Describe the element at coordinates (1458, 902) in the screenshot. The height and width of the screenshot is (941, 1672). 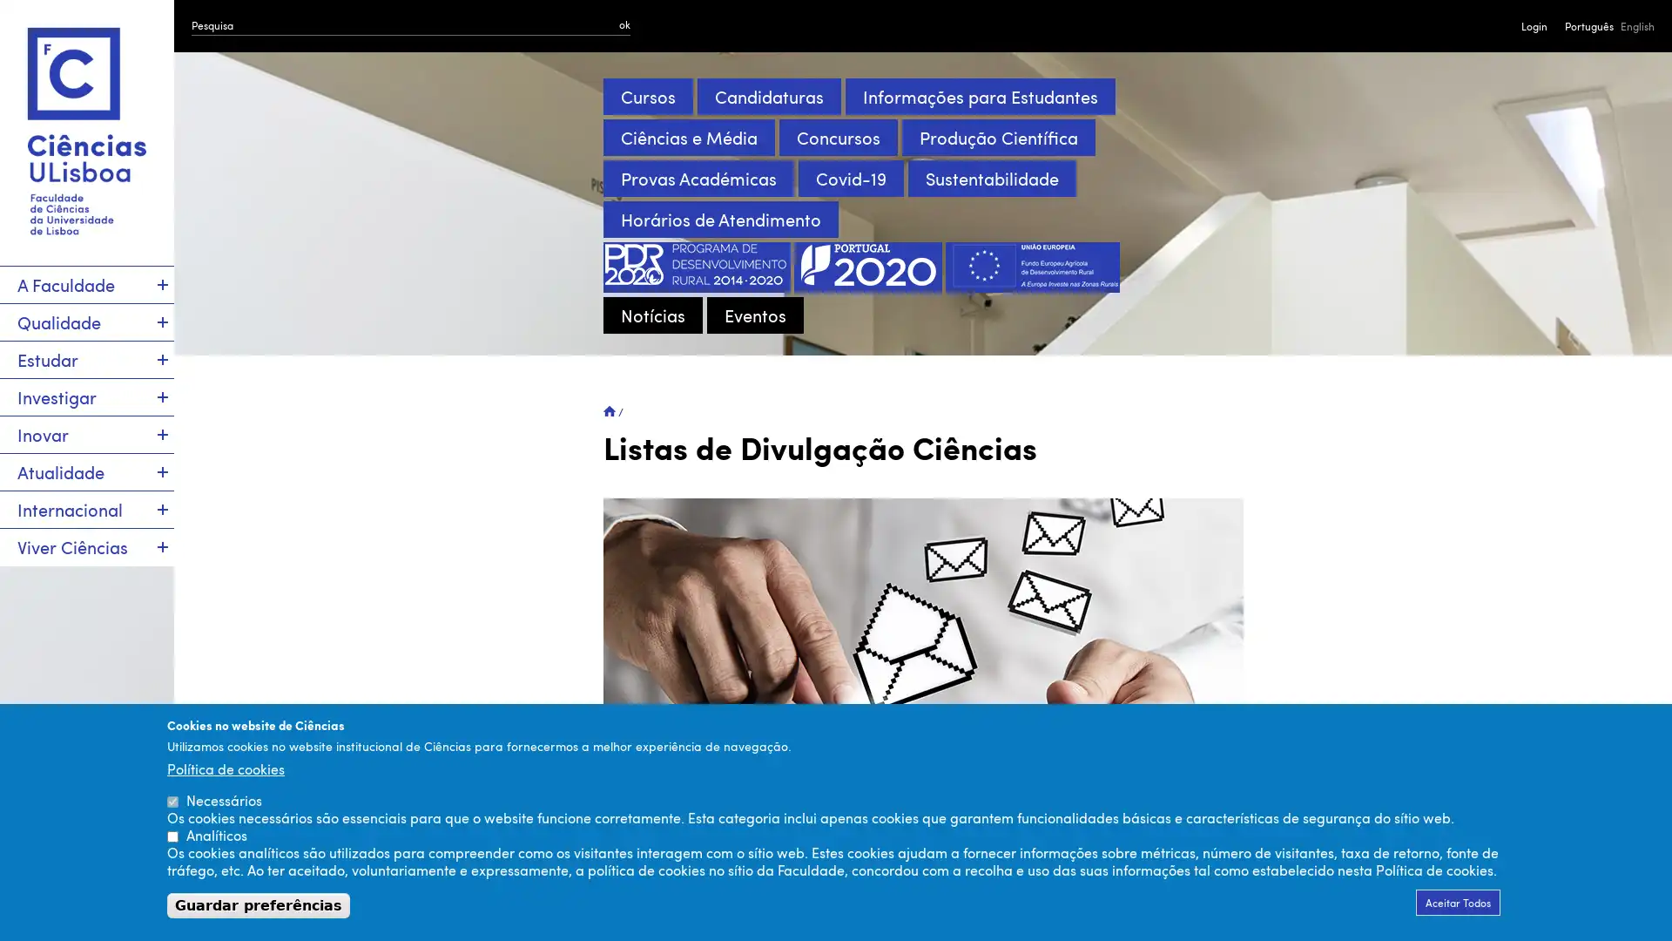
I see `Aceitar Todos` at that location.